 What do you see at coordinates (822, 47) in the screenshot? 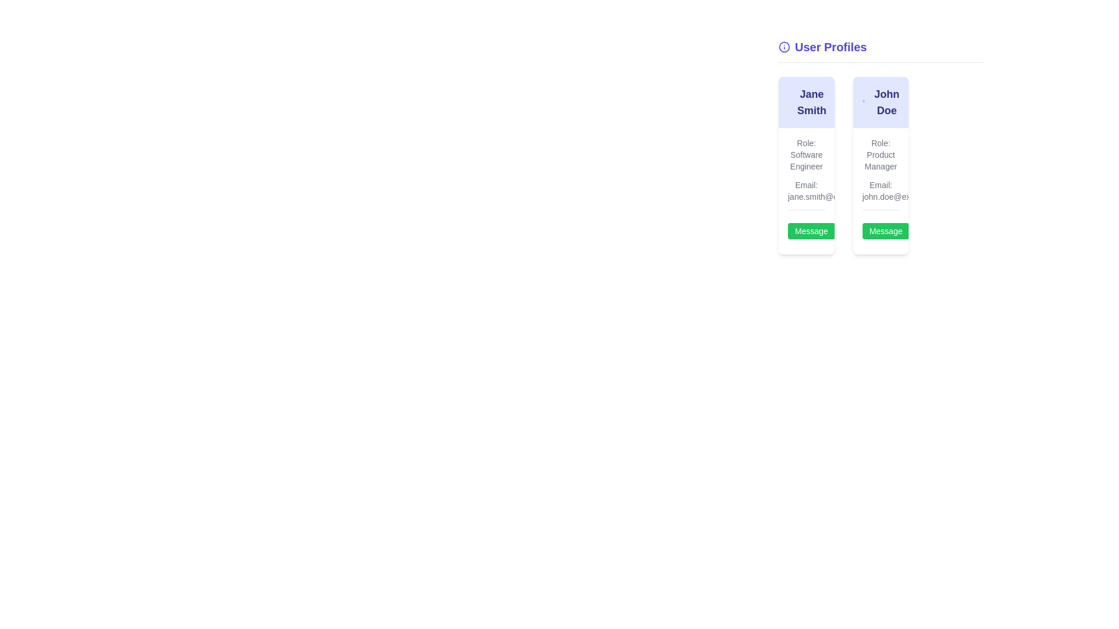
I see `text of the 'User Profiles' header that includes an information icon, positioned at the top-left corner of the section` at bounding box center [822, 47].